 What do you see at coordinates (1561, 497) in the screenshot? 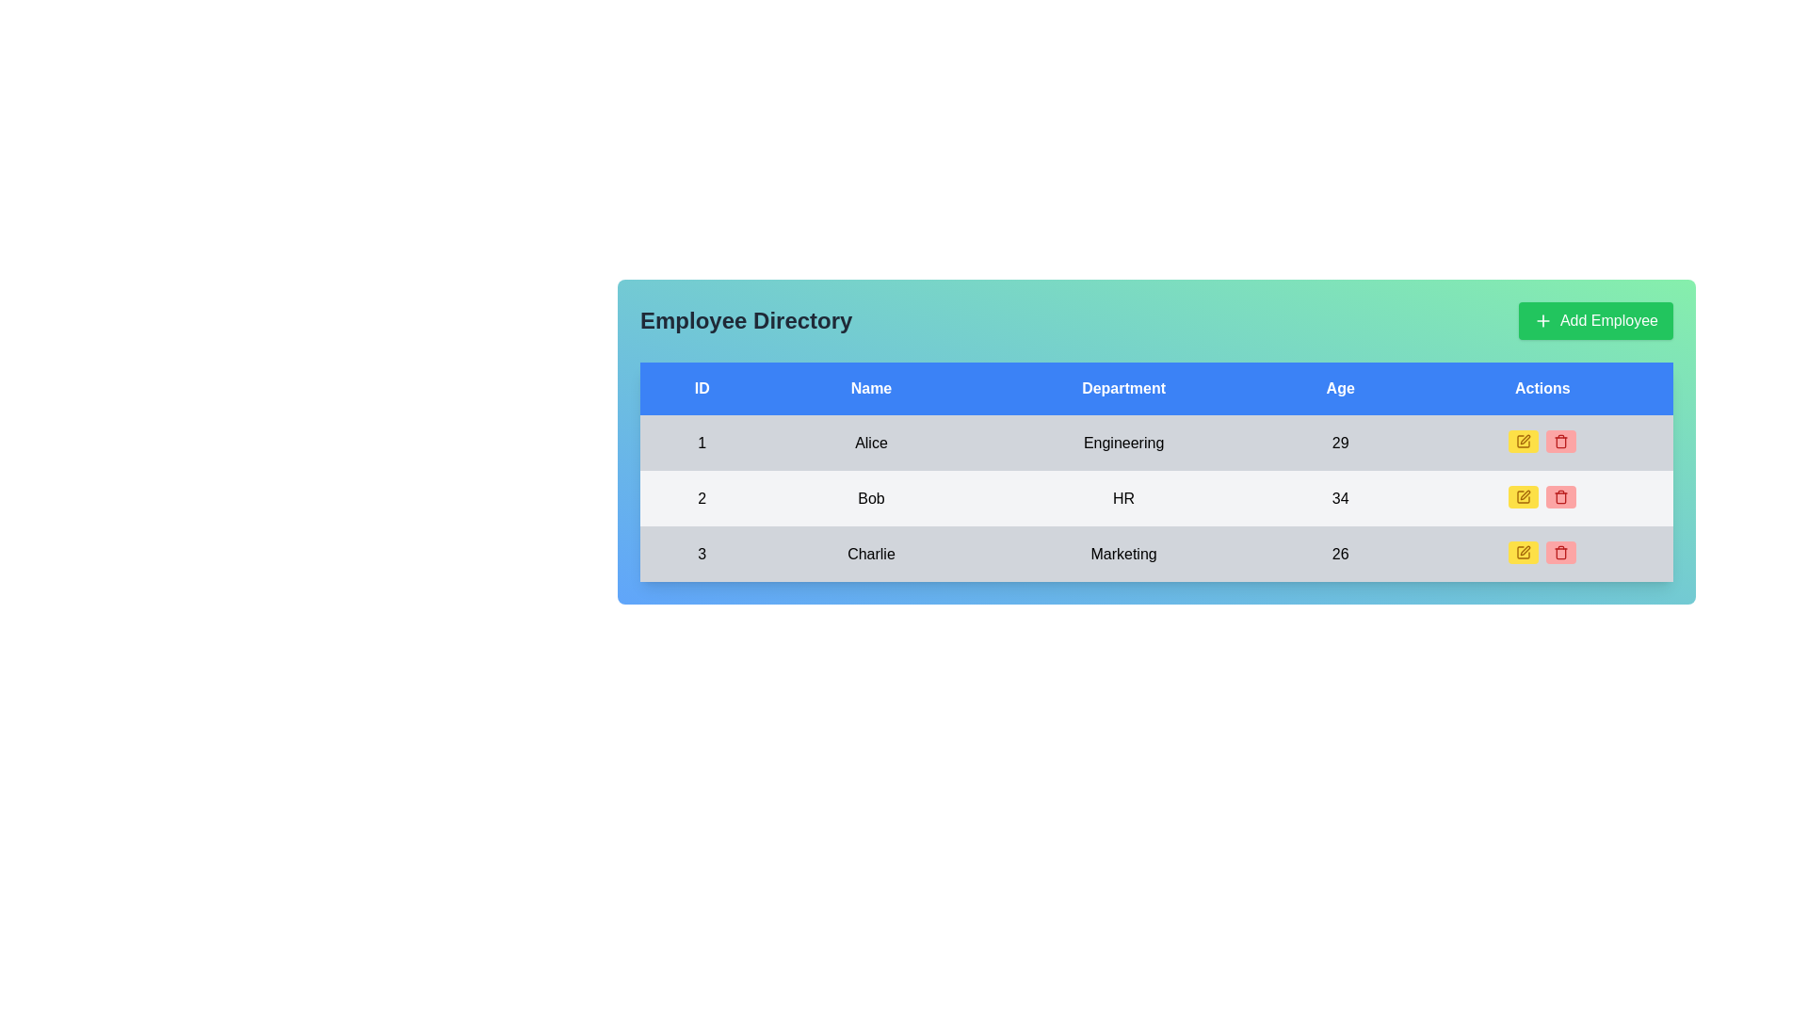
I see `the trash icon in the 'Actions' column of the second row` at bounding box center [1561, 497].